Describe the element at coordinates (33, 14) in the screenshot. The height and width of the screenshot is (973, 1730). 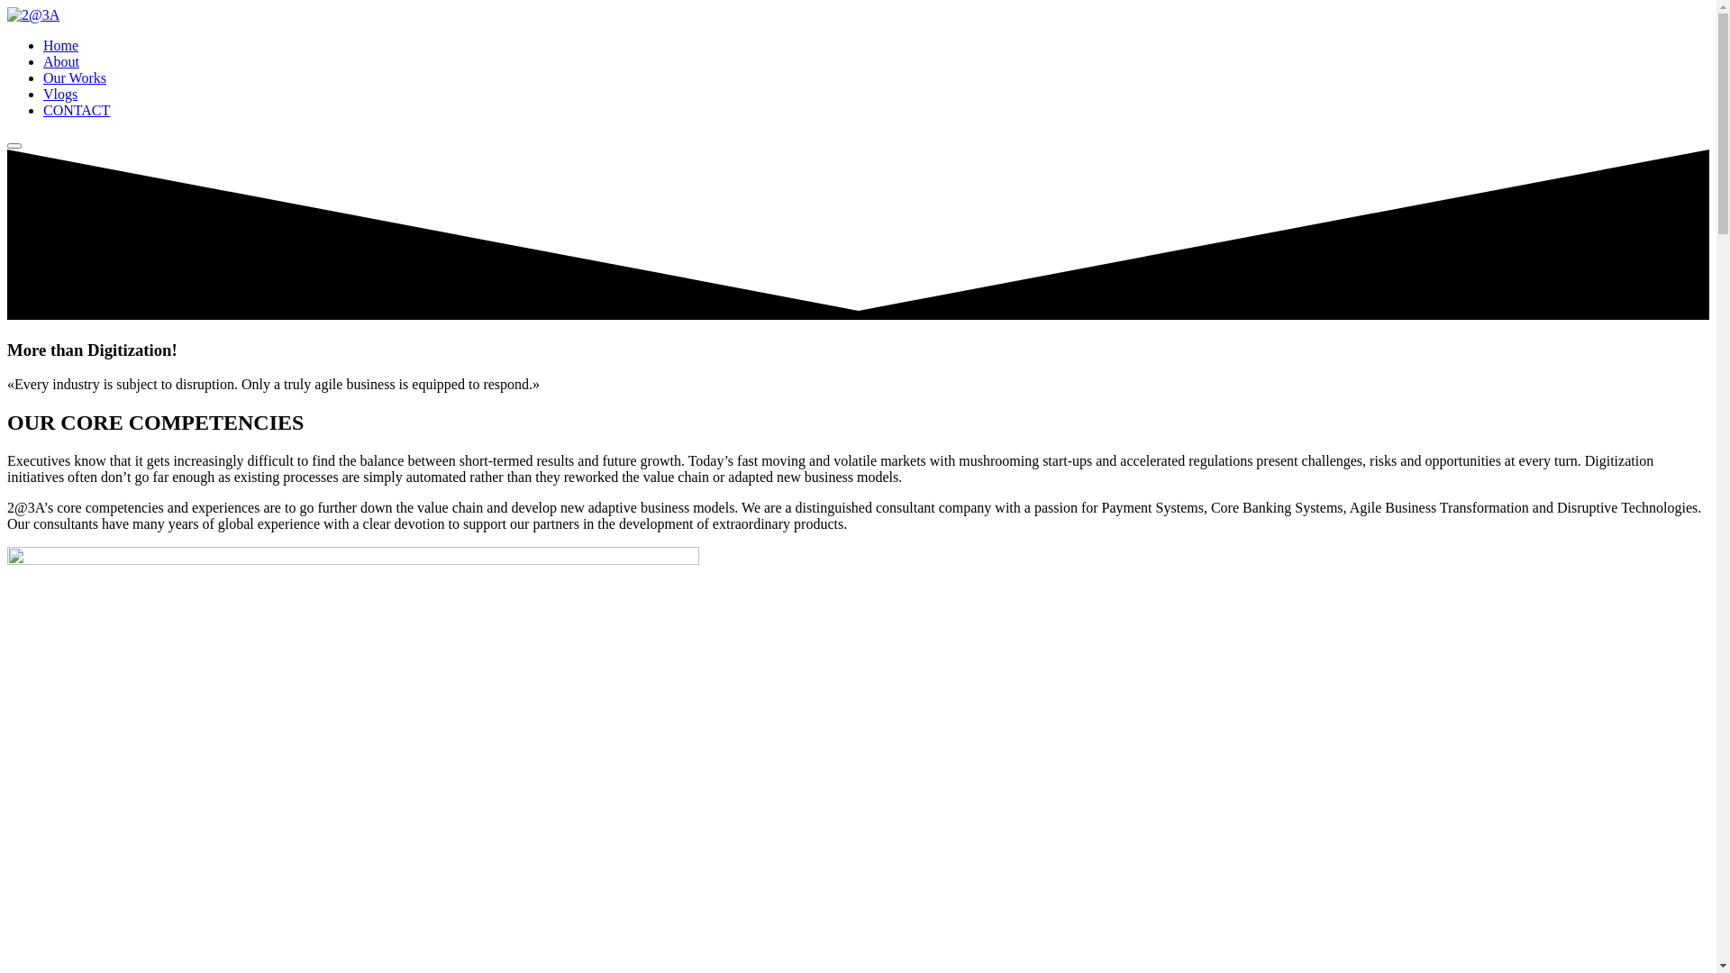
I see `'2@3A'` at that location.